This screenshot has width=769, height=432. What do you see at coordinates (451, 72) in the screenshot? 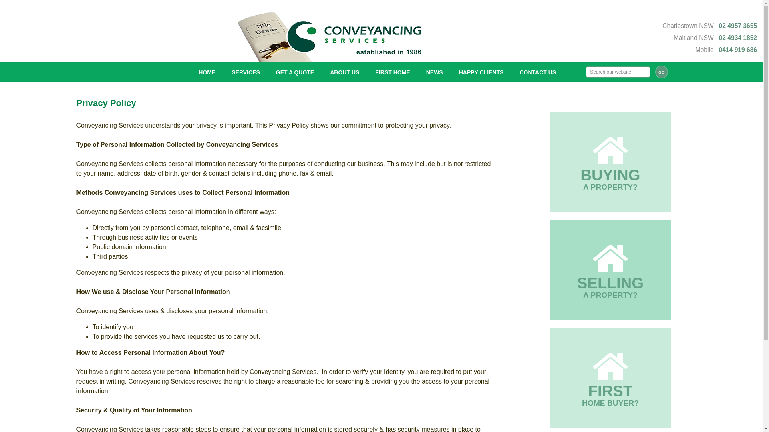
I see `'HAPPY CLIENTS'` at bounding box center [451, 72].